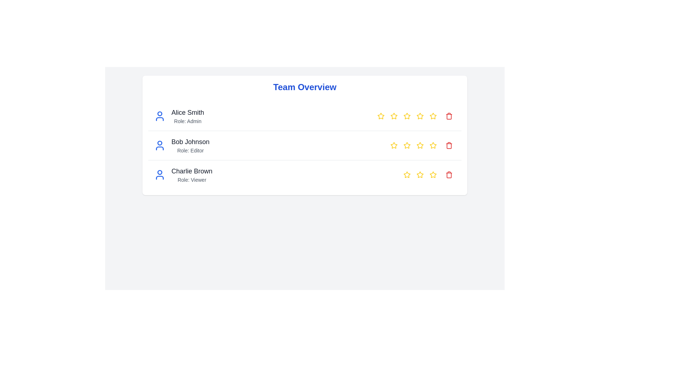 The image size is (696, 391). Describe the element at coordinates (420, 115) in the screenshot. I see `the fifth star rating icon in the top row` at that location.